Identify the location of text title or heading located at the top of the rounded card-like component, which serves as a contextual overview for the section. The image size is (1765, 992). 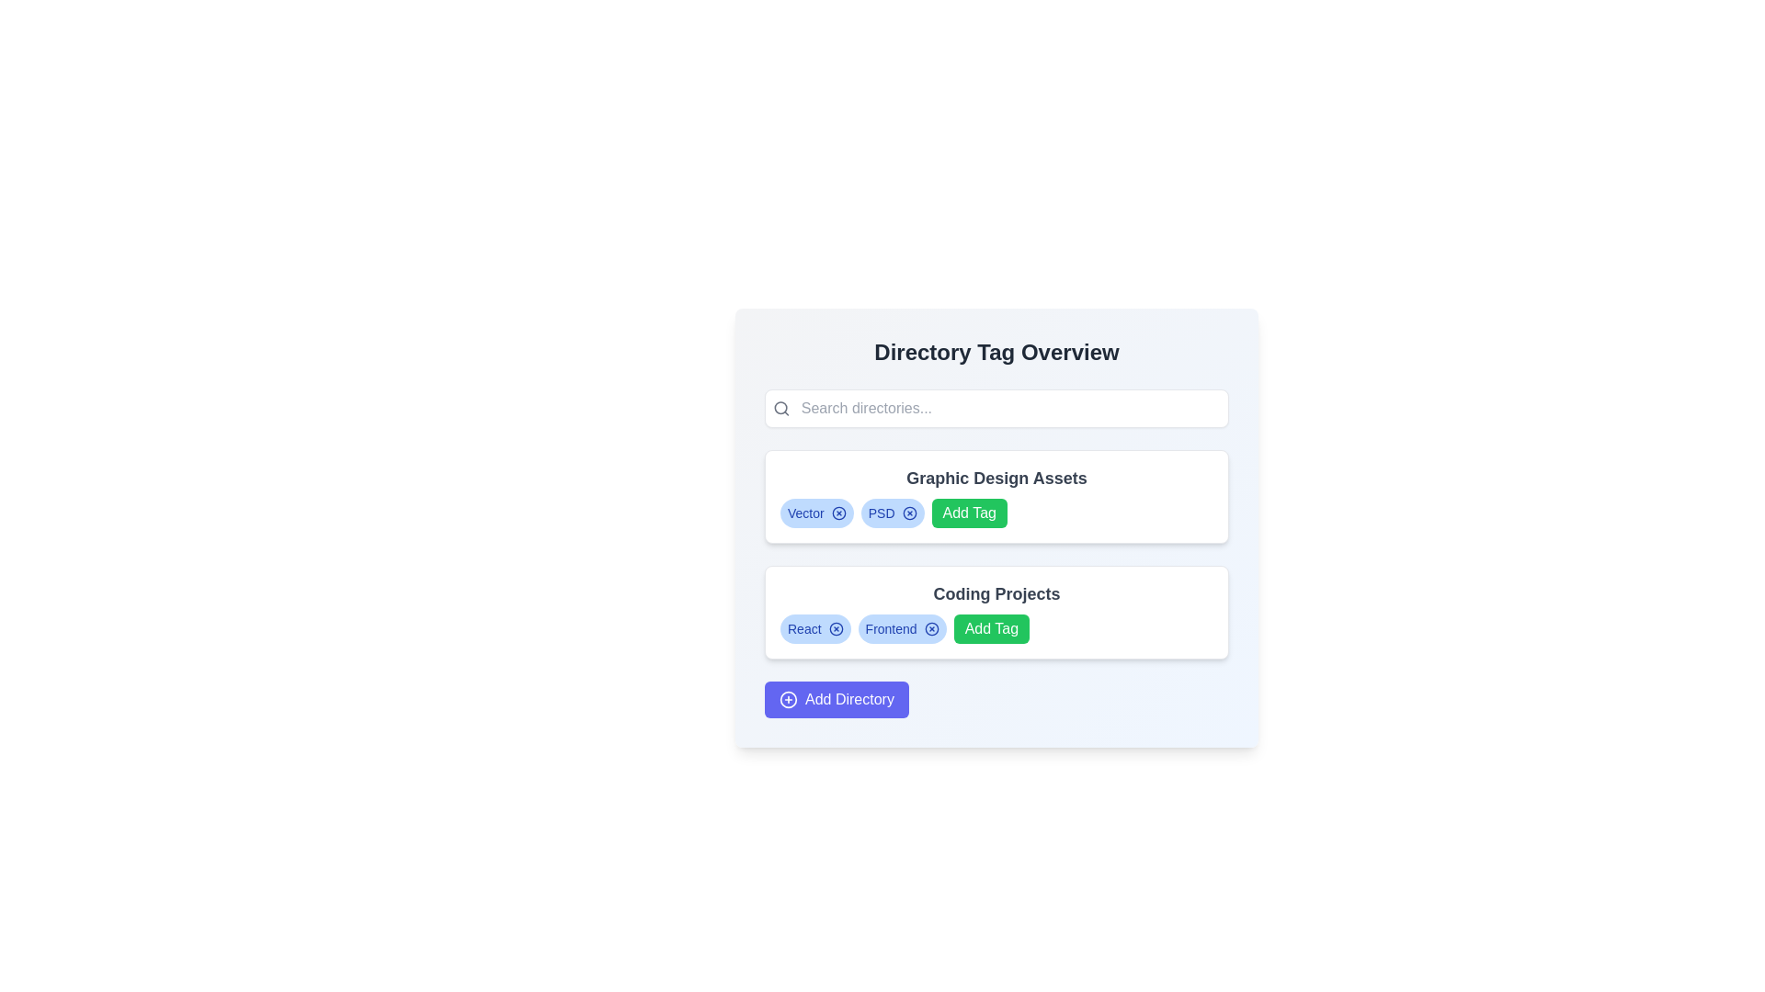
(996, 353).